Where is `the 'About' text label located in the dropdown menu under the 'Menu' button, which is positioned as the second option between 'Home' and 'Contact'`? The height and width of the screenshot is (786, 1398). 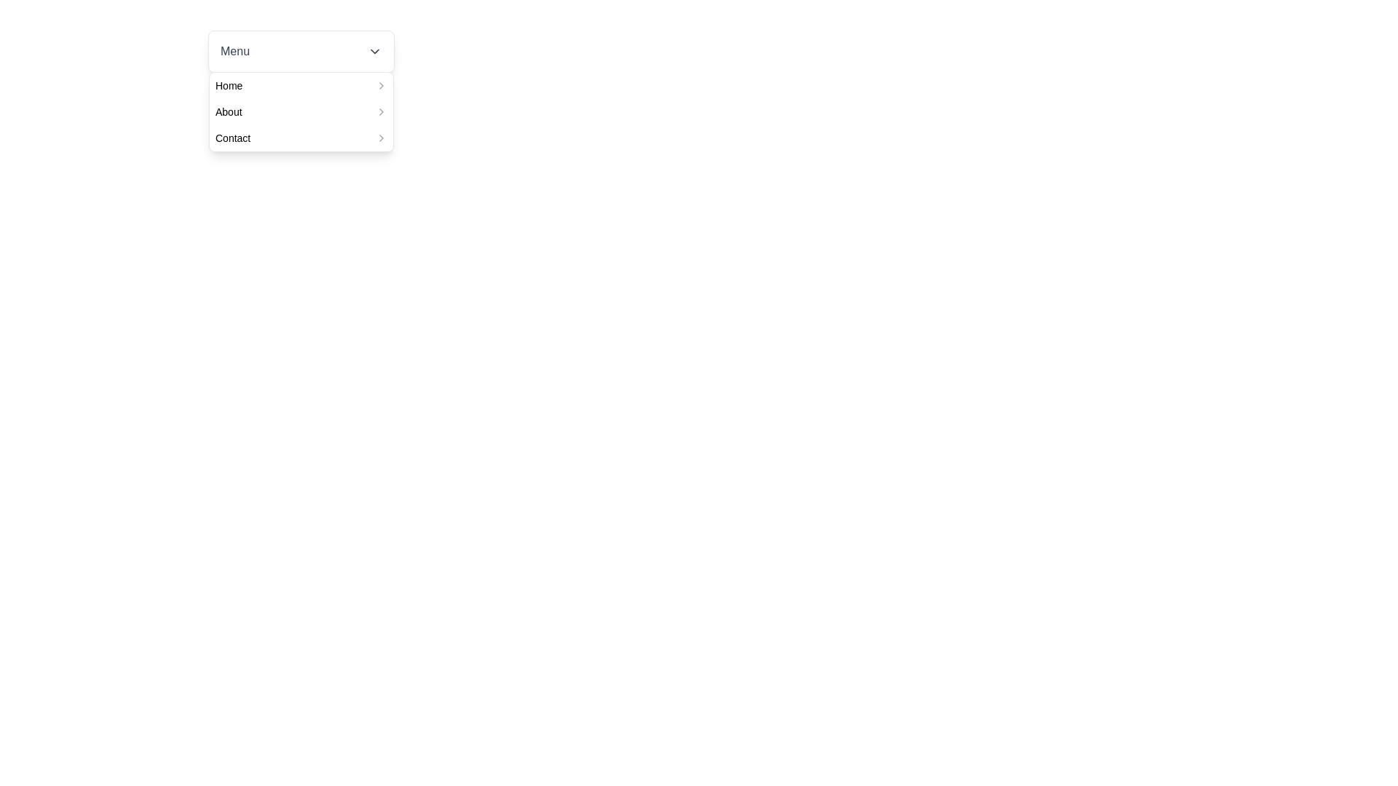
the 'About' text label located in the dropdown menu under the 'Menu' button, which is positioned as the second option between 'Home' and 'Contact' is located at coordinates (228, 111).